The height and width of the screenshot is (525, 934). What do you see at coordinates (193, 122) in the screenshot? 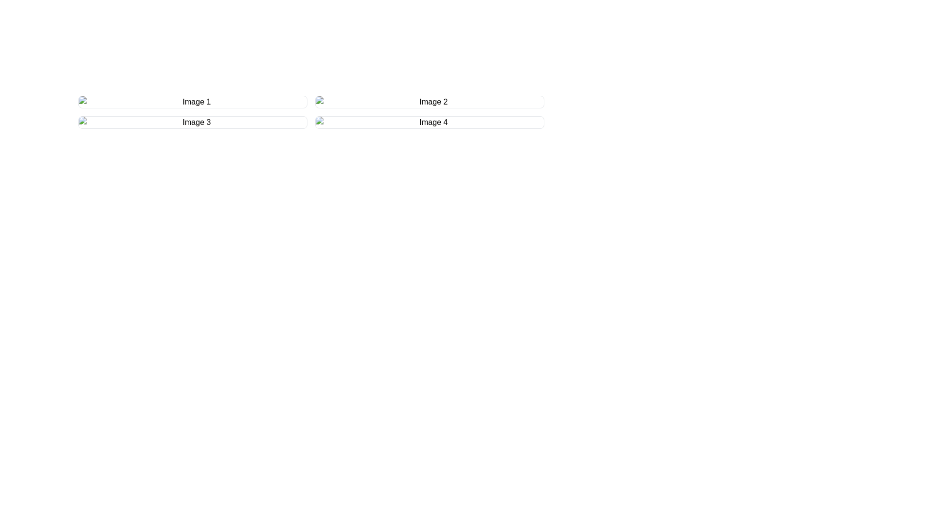
I see `the visual placeholder labeled 'Image 3', located in the second row of the grid layout, beneath 'Image 1'` at bounding box center [193, 122].